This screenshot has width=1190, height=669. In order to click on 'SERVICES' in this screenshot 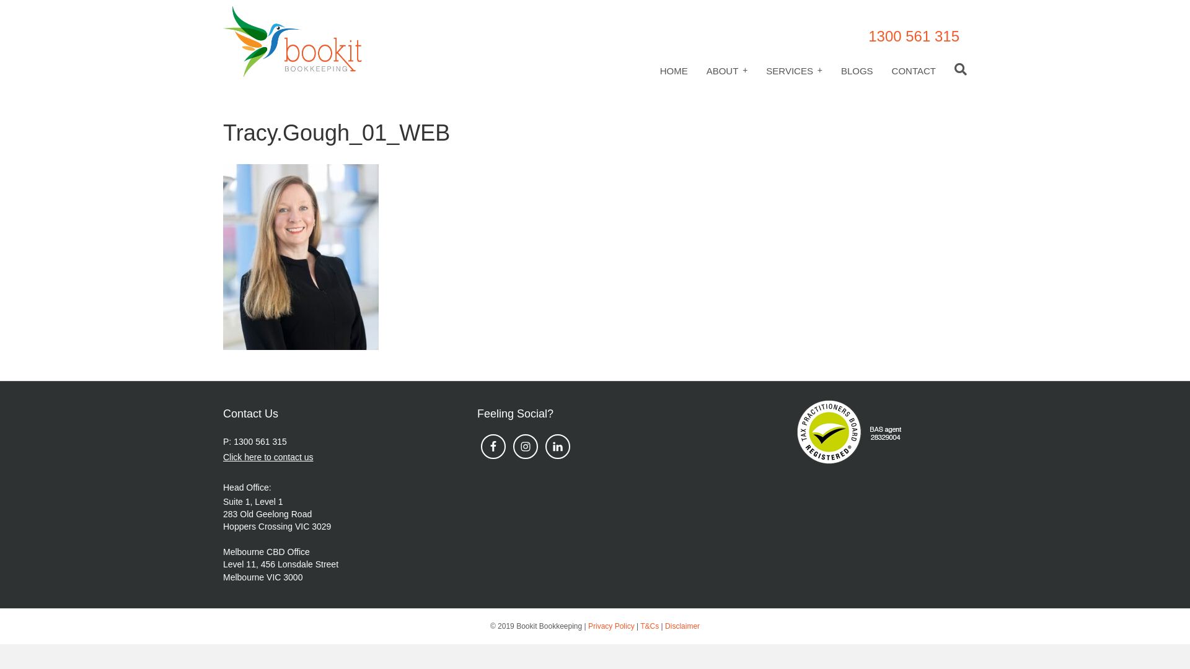, I will do `click(794, 71)`.